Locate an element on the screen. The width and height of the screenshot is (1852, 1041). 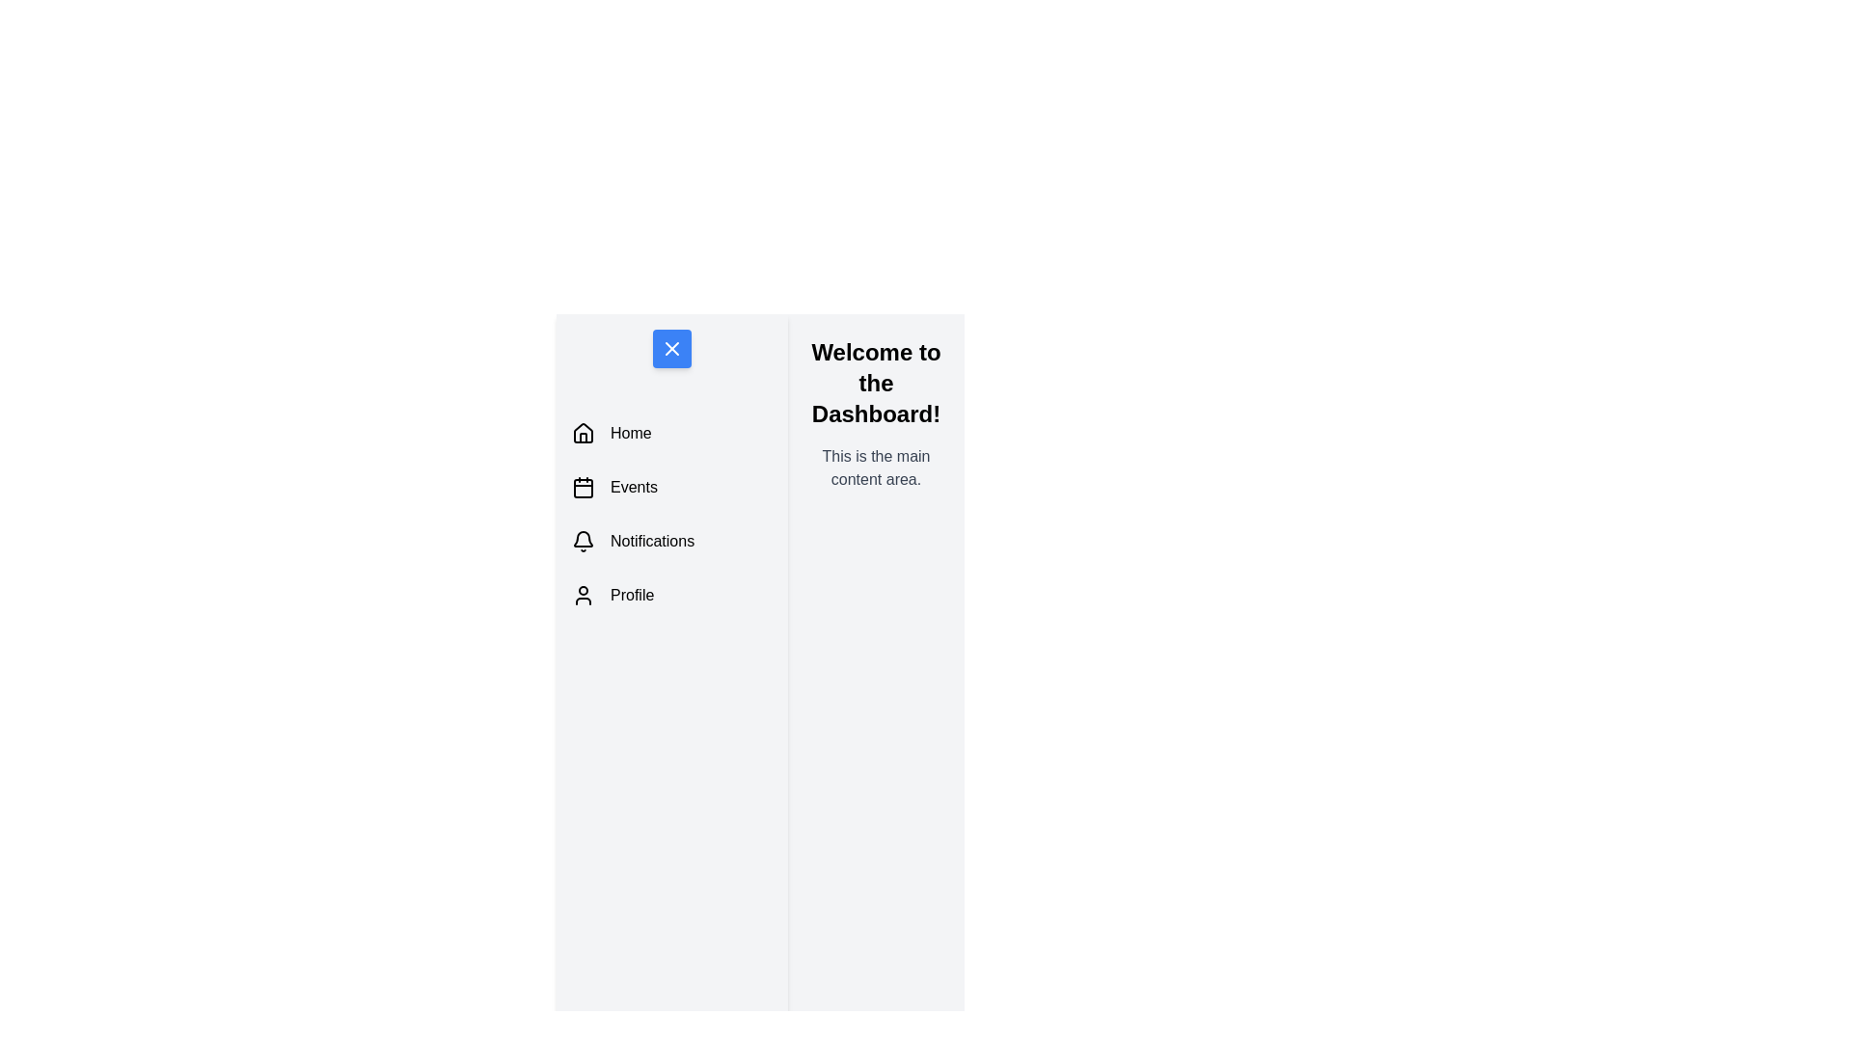
Notifications label located in the vertical navigation bar as the third item in the menu options is located at coordinates (652, 542).